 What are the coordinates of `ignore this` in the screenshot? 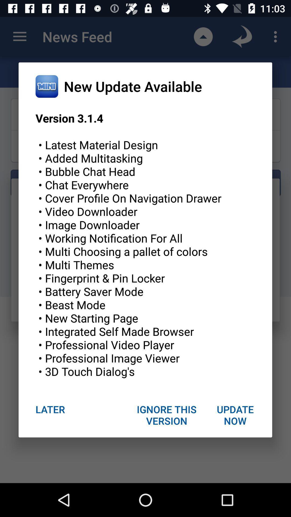 It's located at (167, 415).